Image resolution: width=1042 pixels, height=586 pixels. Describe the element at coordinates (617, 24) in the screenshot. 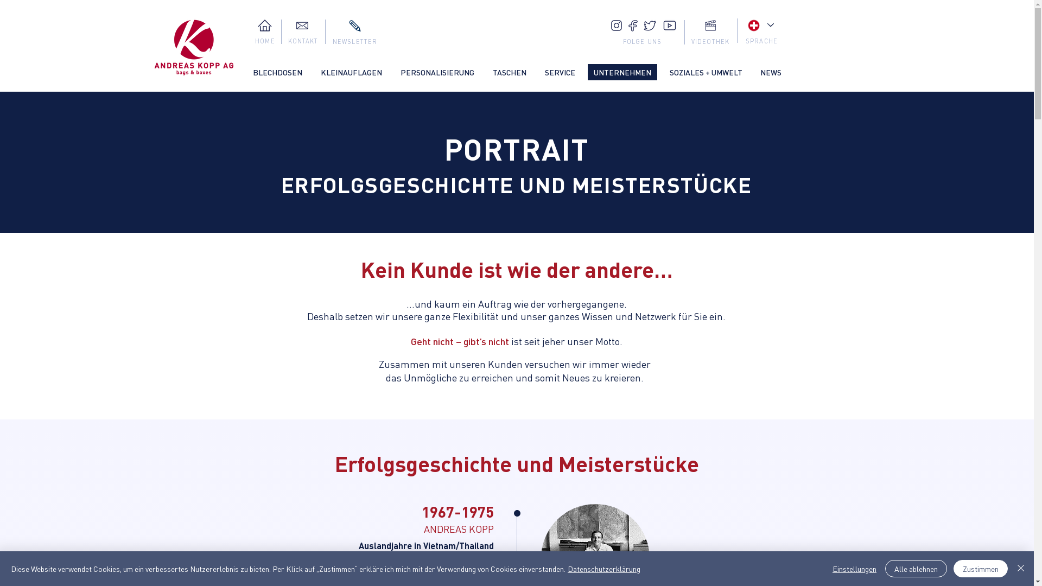

I see `'Instagram '` at that location.